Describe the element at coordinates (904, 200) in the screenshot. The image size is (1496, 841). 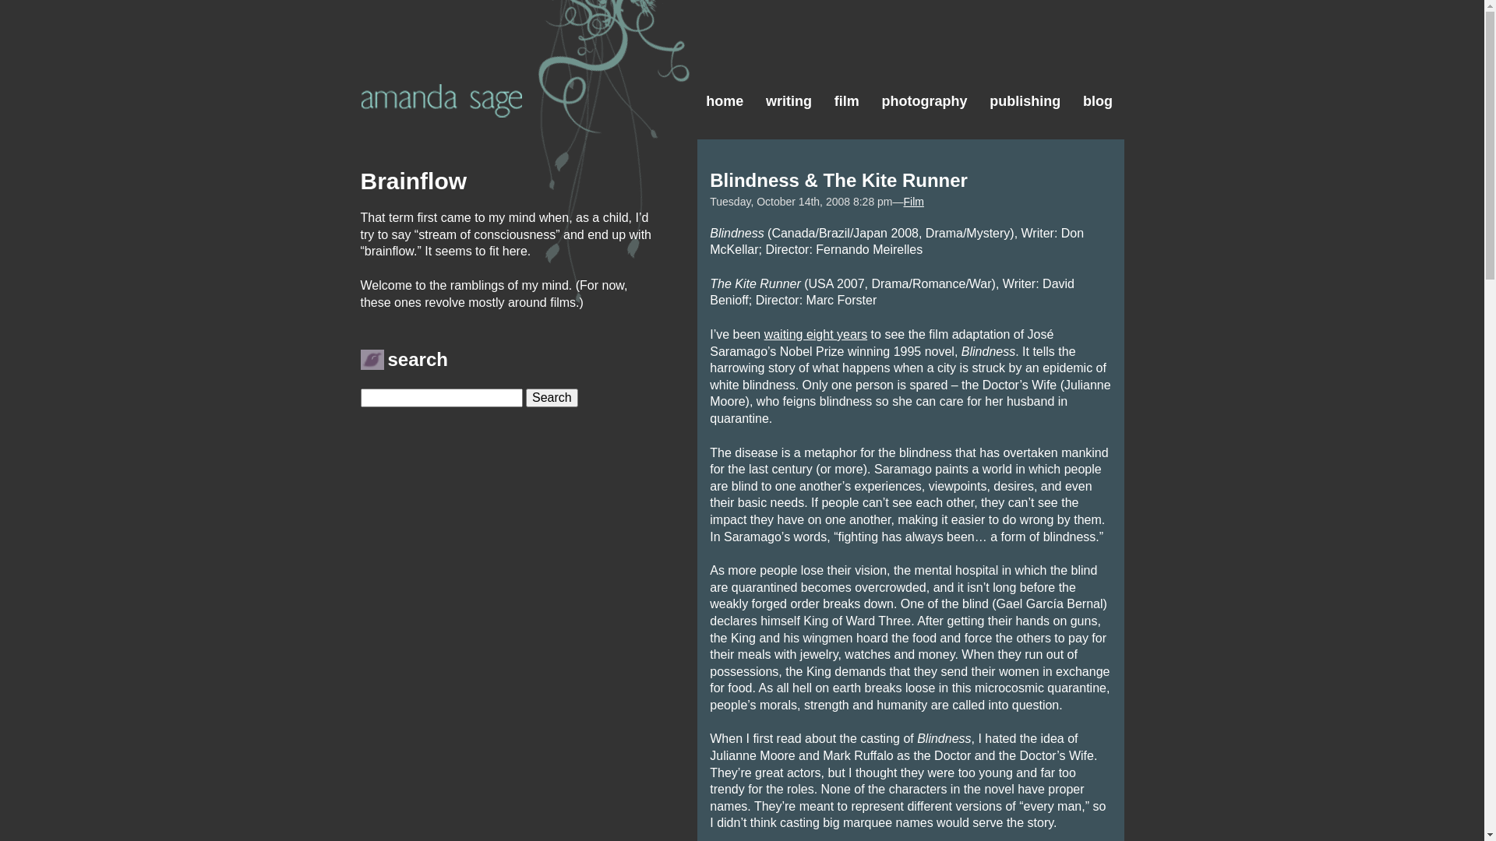
I see `'Film'` at that location.